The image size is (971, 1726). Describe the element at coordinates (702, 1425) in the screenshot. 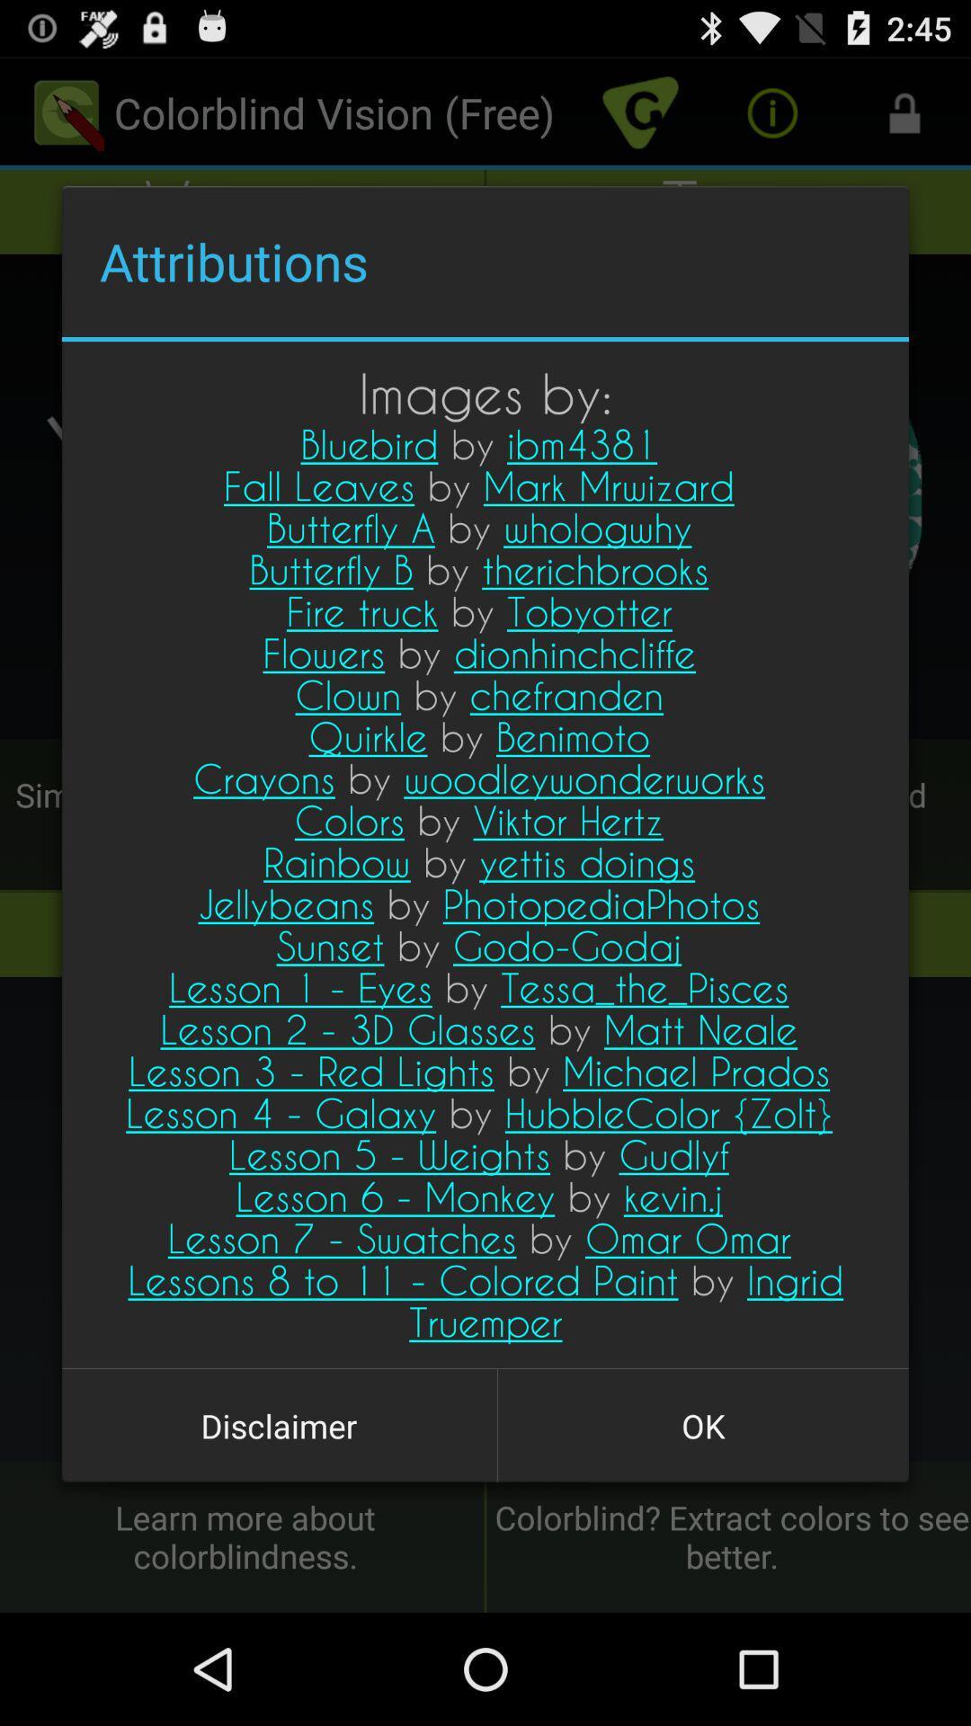

I see `ok icon` at that location.